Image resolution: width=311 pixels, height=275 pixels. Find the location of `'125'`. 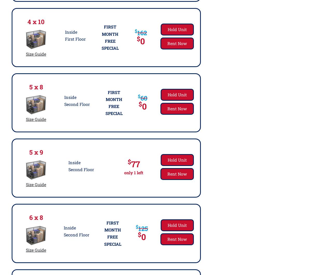

'125' is located at coordinates (143, 228).